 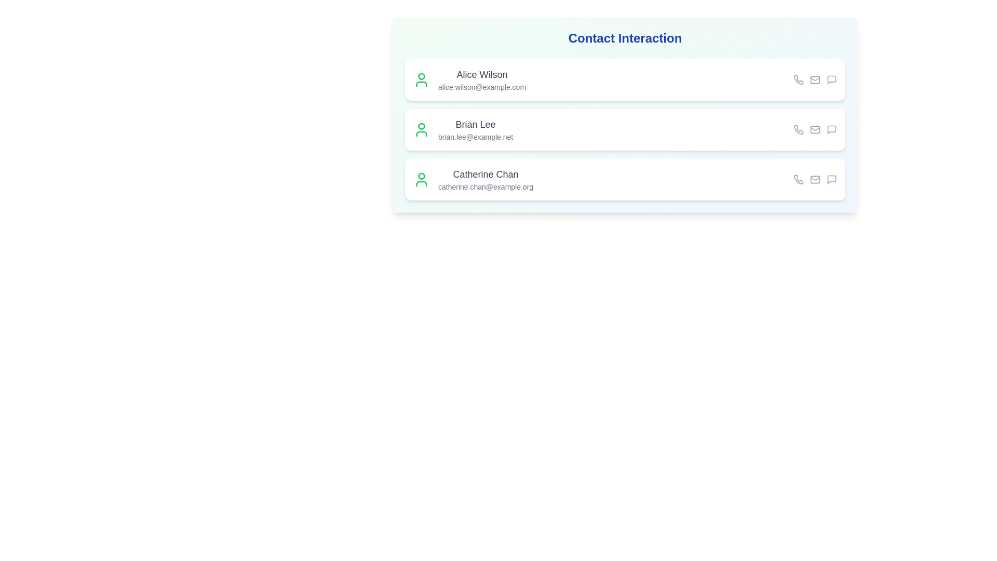 I want to click on the contact Catherine Chan by clicking on their list item, so click(x=625, y=179).